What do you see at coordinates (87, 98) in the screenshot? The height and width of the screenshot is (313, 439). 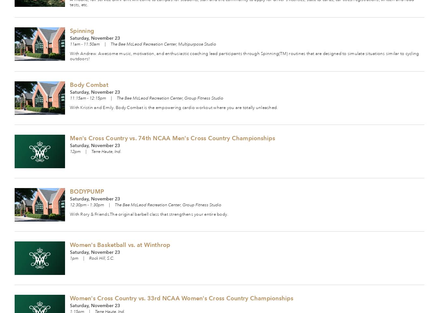 I see `'11:15am - 12:15pm'` at bounding box center [87, 98].